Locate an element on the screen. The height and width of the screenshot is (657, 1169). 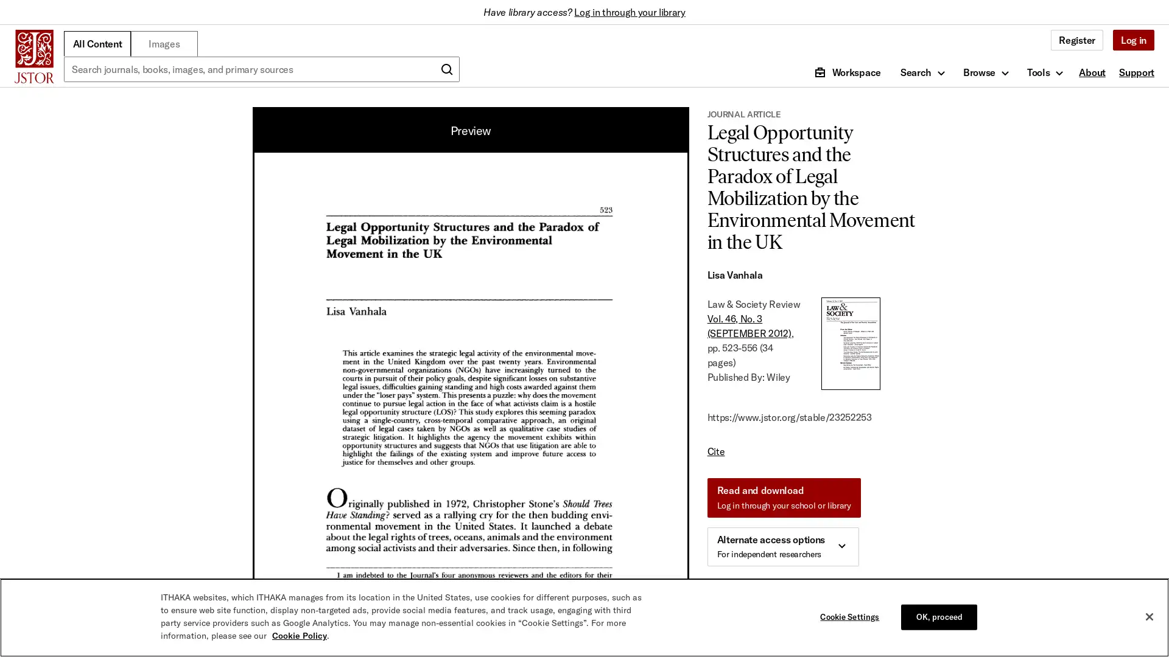
Cookie Settings is located at coordinates (852, 617).